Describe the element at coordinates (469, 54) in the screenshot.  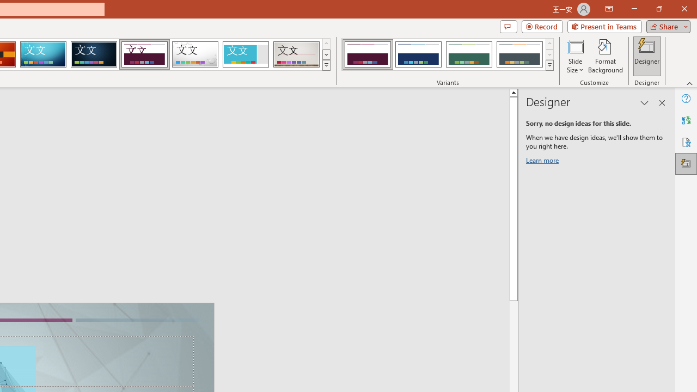
I see `'Dividend Variant 3'` at that location.